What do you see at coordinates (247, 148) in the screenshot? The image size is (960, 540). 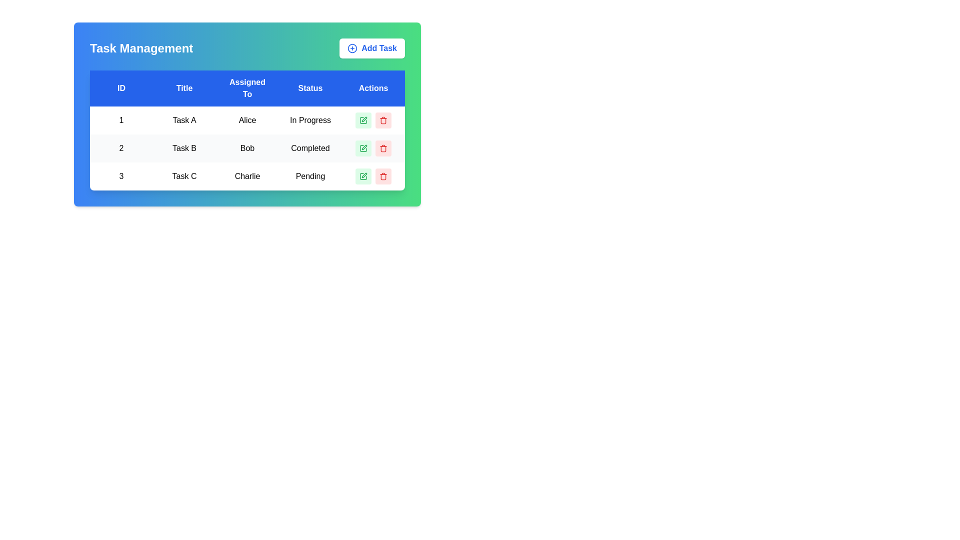 I see `the text label indicating the assignee for 'Task B' in the 'Assigned To' column of the task management table` at bounding box center [247, 148].